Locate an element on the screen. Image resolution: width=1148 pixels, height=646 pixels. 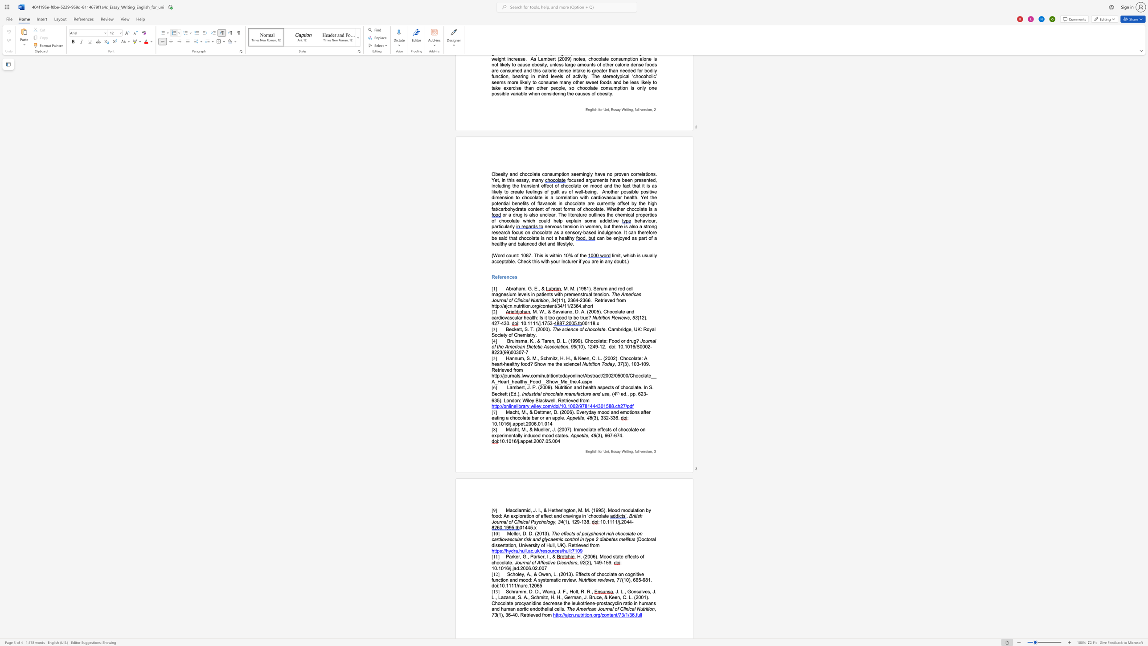
the 3th character "m" in the text is located at coordinates (549, 364).